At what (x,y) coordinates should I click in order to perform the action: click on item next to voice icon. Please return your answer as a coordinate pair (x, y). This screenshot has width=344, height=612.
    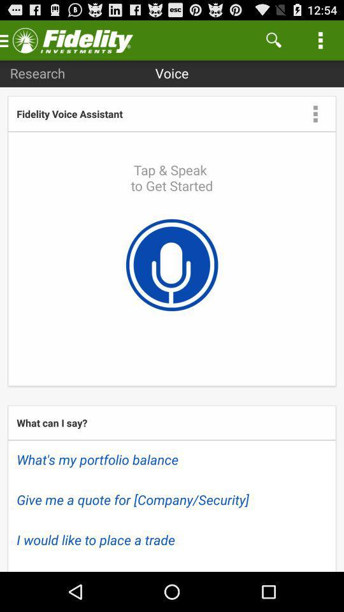
    Looking at the image, I should click on (38, 73).